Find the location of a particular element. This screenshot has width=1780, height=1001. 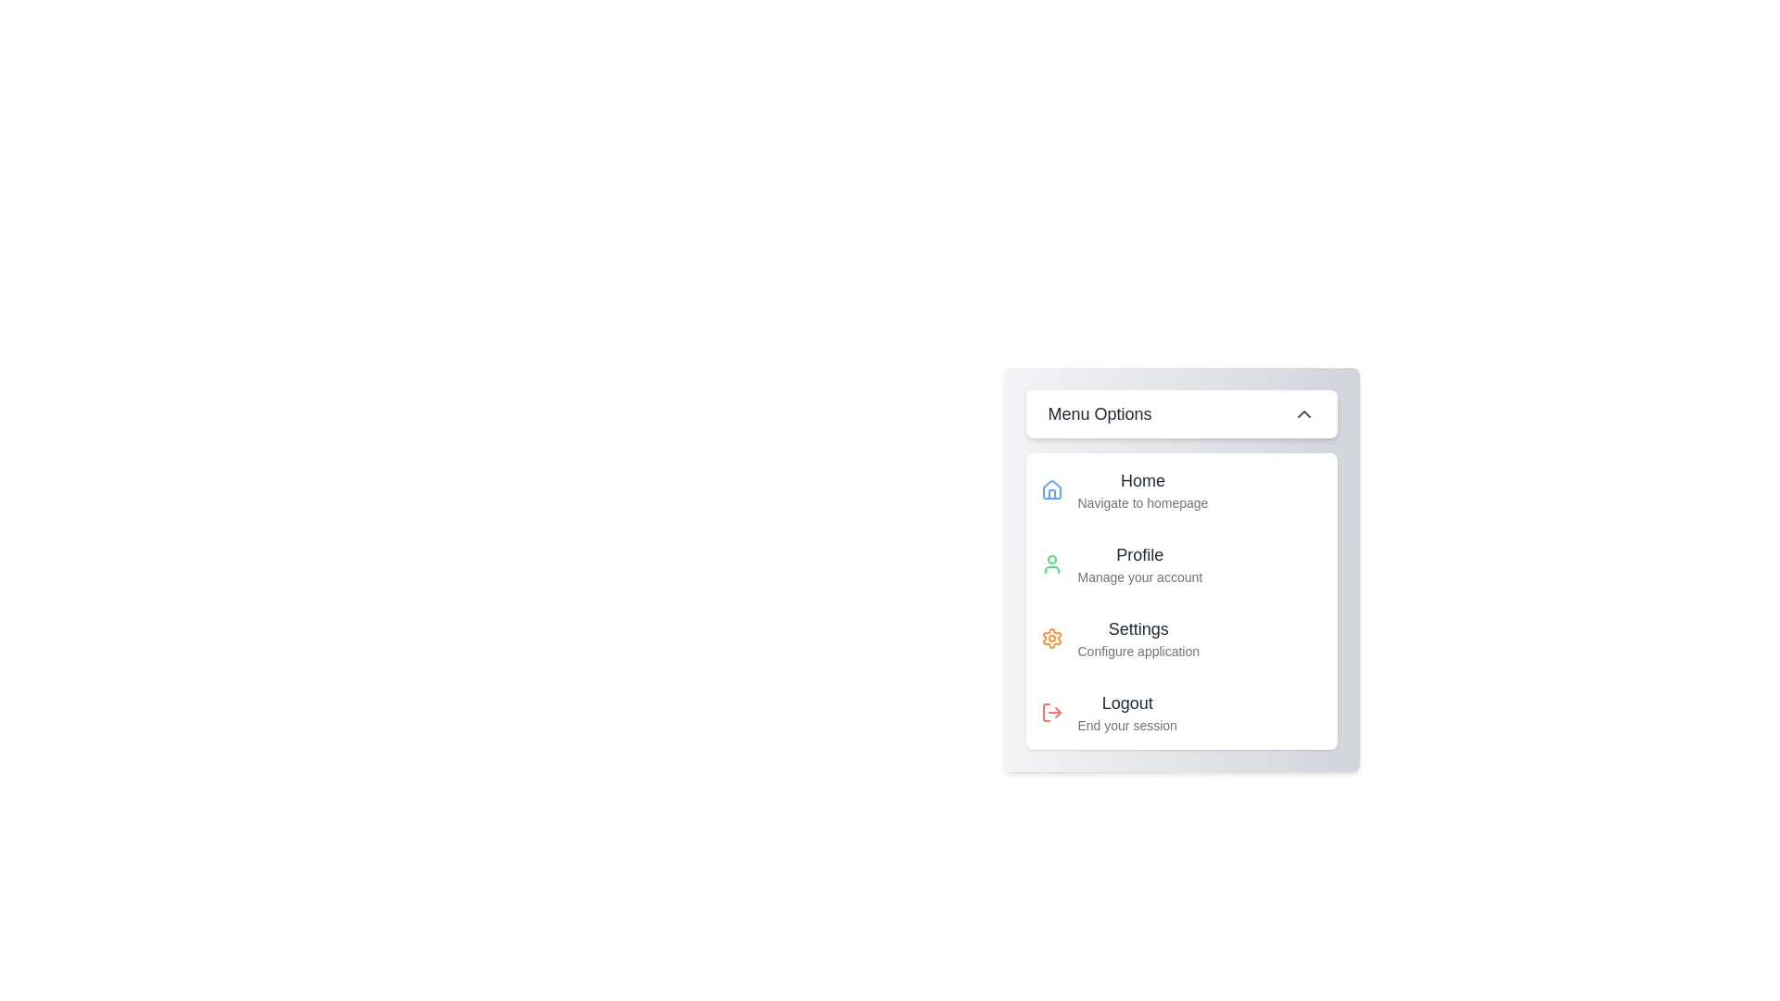

the descriptive Text label that provides additional information about the 'Profile' menu option, which is located directly below the 'Profile' text label in the vertical menu layout is located at coordinates (1138, 577).